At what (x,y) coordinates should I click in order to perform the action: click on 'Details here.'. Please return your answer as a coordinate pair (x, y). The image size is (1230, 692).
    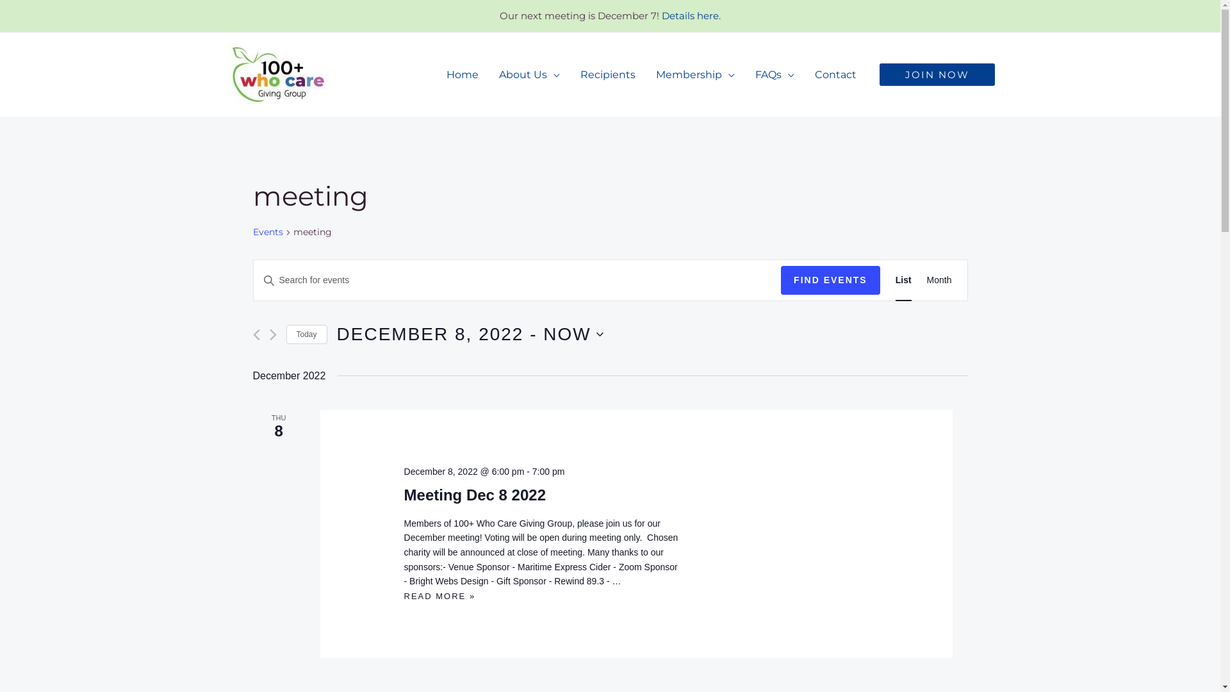
    Looking at the image, I should click on (691, 15).